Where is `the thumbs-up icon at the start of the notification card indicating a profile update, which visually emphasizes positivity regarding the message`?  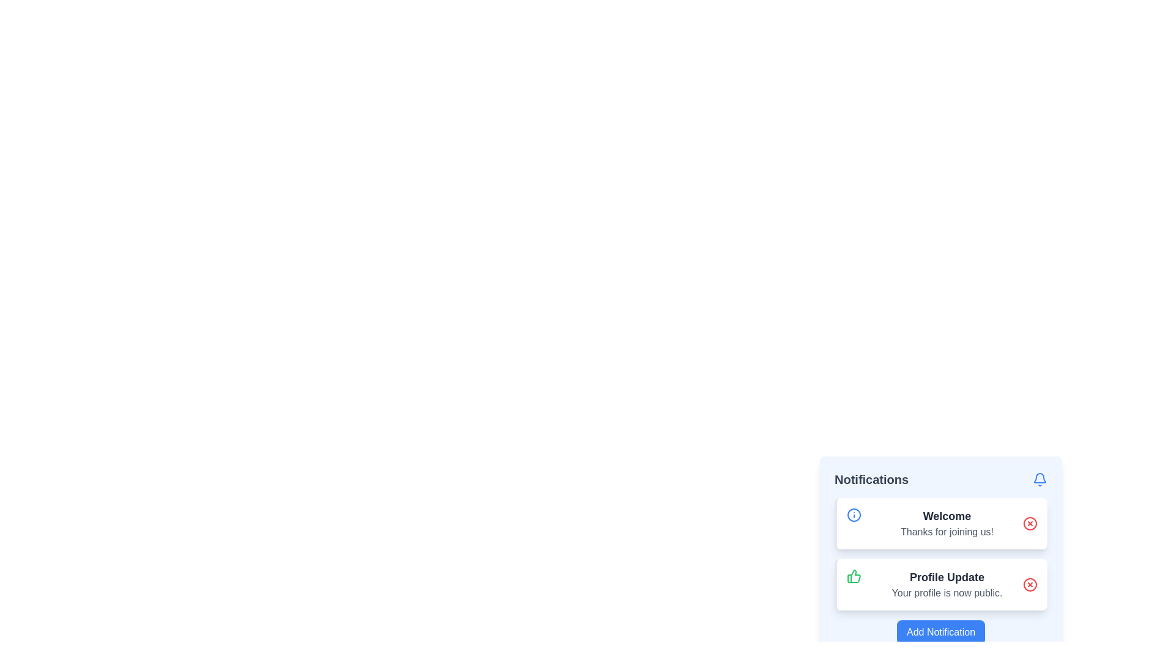 the thumbs-up icon at the start of the notification card indicating a profile update, which visually emphasizes positivity regarding the message is located at coordinates (853, 576).